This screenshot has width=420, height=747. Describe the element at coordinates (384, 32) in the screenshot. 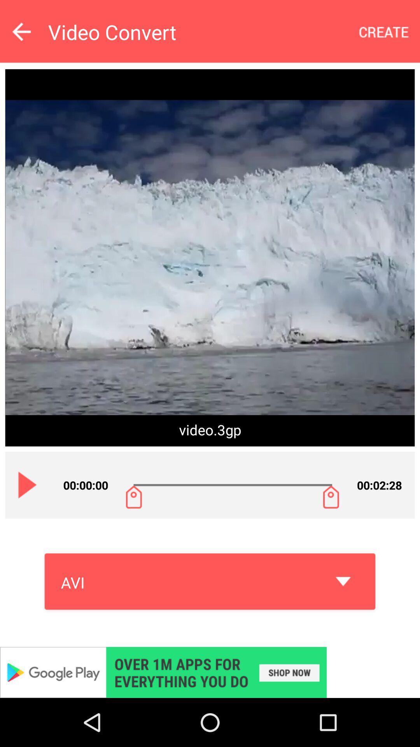

I see `create` at that location.